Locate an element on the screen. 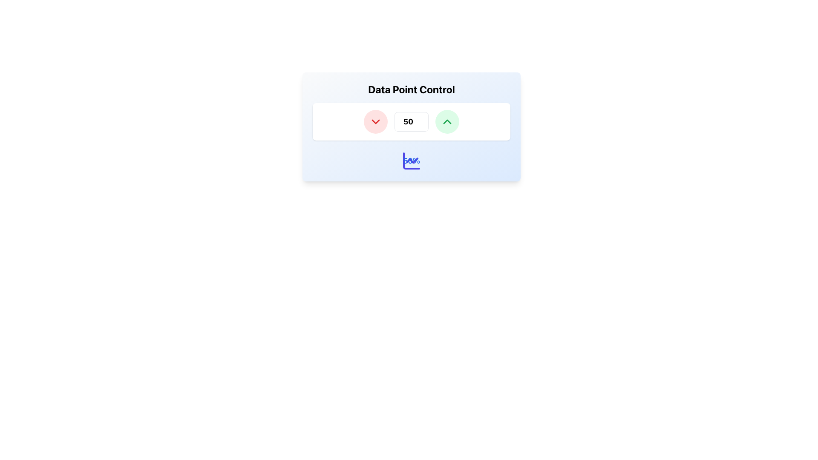  the control button that increases the numeric value displayed in the adjacent text input field is located at coordinates (447, 121).